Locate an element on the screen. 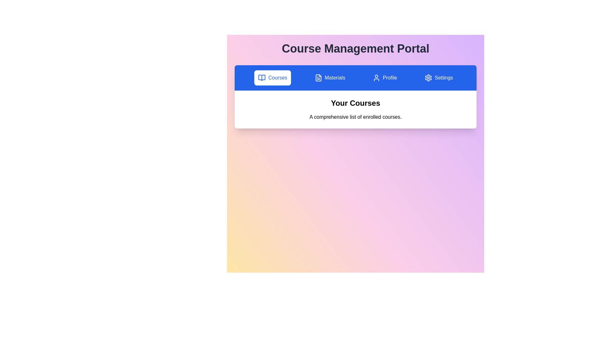 The image size is (608, 342). the document icon located at the far-left of the header section is located at coordinates (318, 78).